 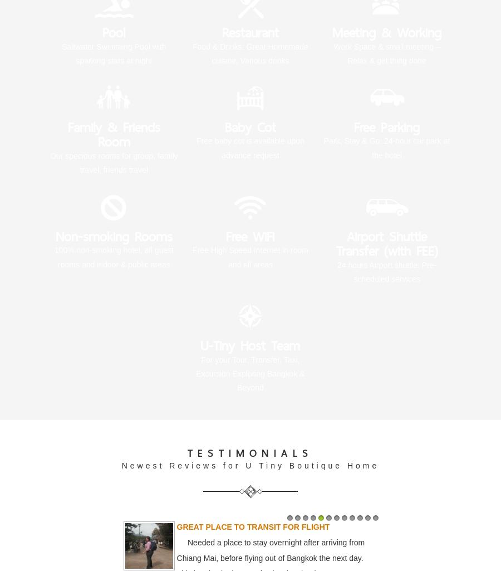 I want to click on 'TESTIMONIALS', so click(x=250, y=452).